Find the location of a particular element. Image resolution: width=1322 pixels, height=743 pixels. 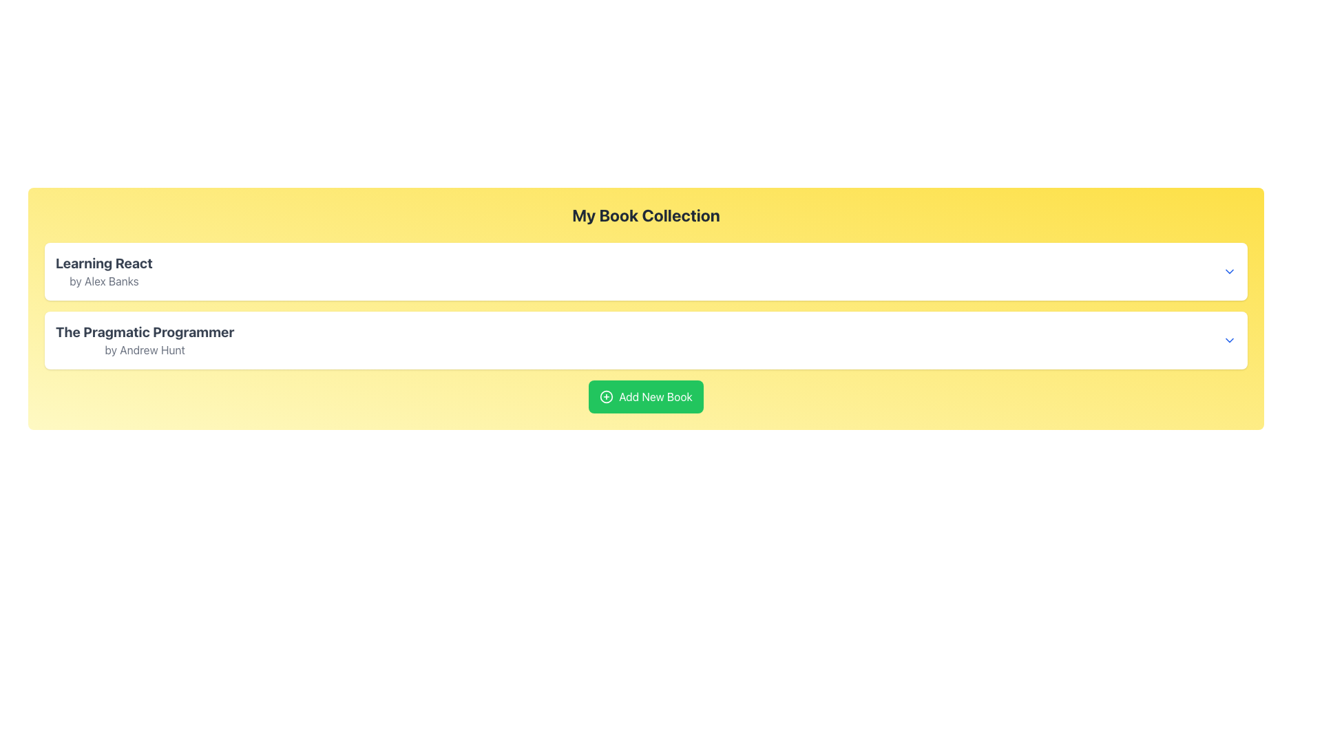

the downward-facing blue arrow icon is located at coordinates (1229, 340).